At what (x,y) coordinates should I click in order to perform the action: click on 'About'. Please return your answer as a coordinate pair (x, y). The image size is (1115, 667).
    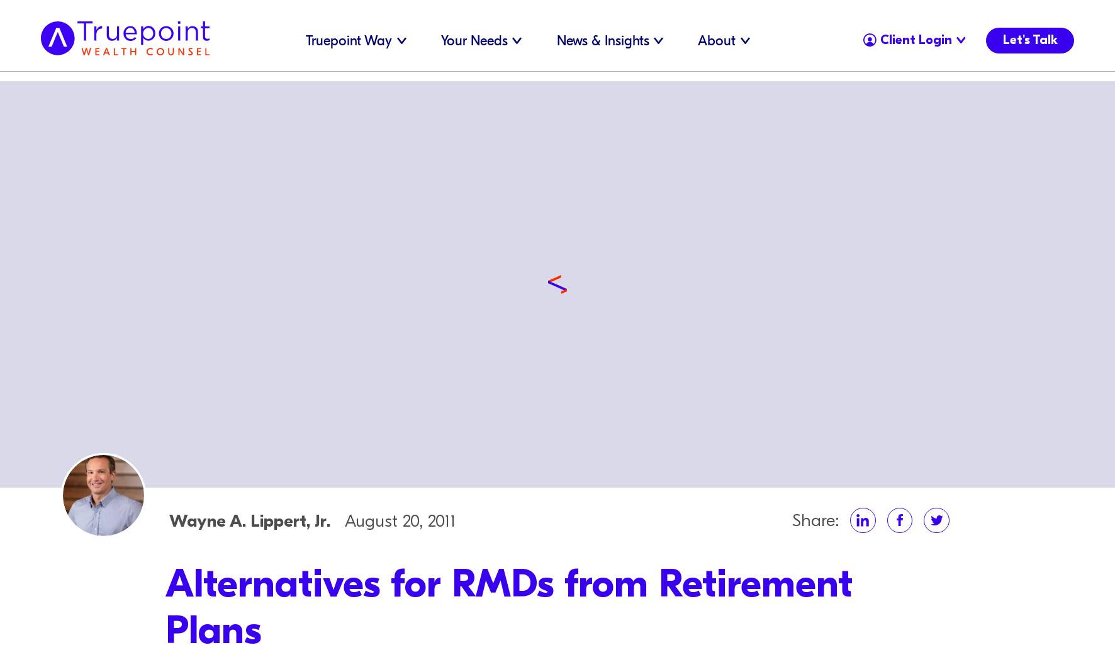
    Looking at the image, I should click on (716, 40).